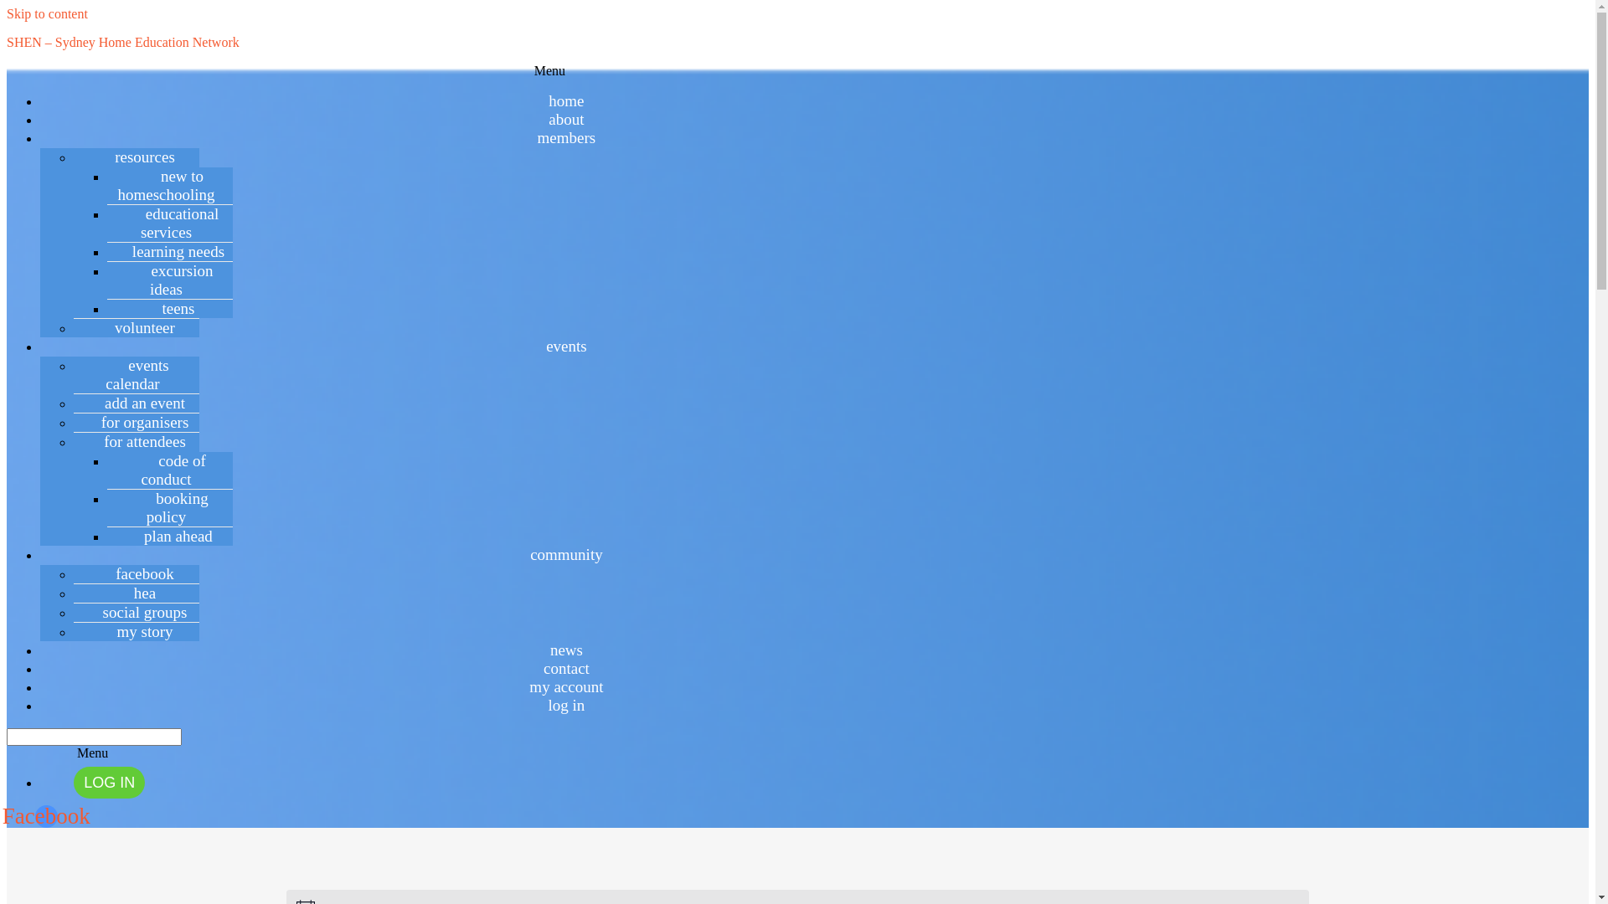 The height and width of the screenshot is (904, 1608). What do you see at coordinates (169, 536) in the screenshot?
I see `'plan ahead'` at bounding box center [169, 536].